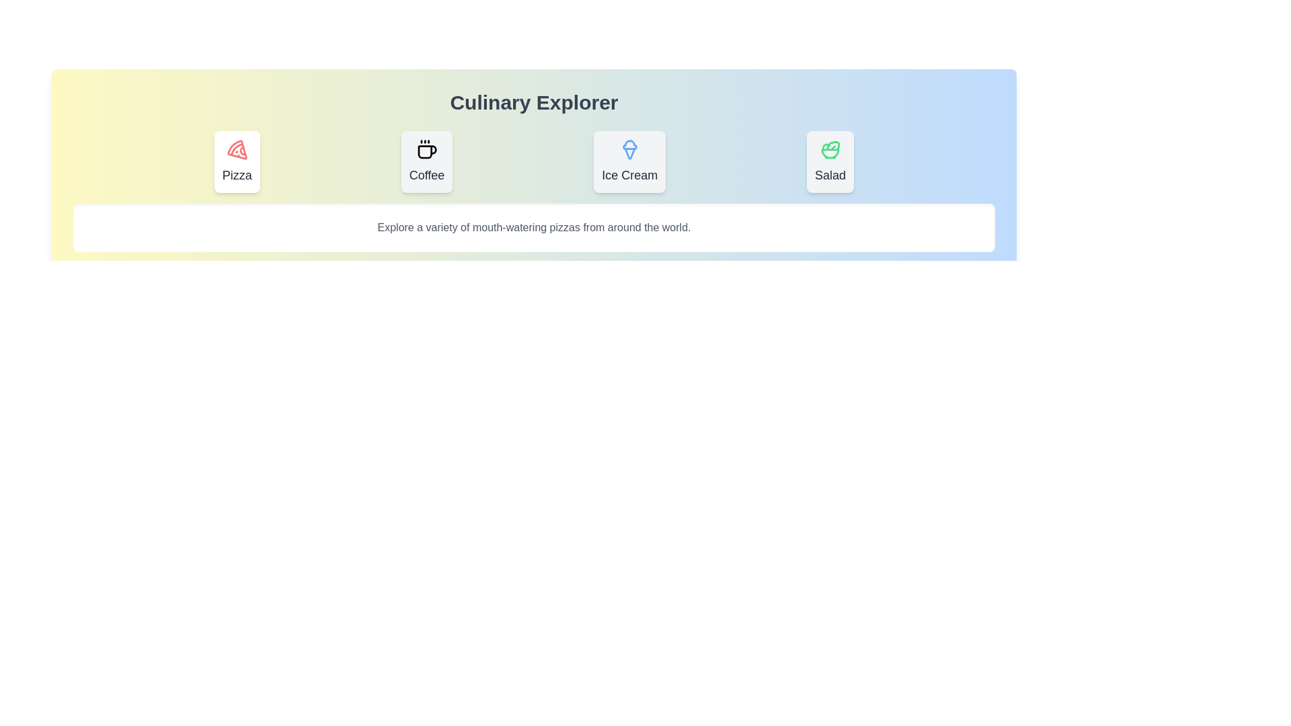  What do you see at coordinates (426, 161) in the screenshot?
I see `the tab labeled Coffee to observe its hover animation` at bounding box center [426, 161].